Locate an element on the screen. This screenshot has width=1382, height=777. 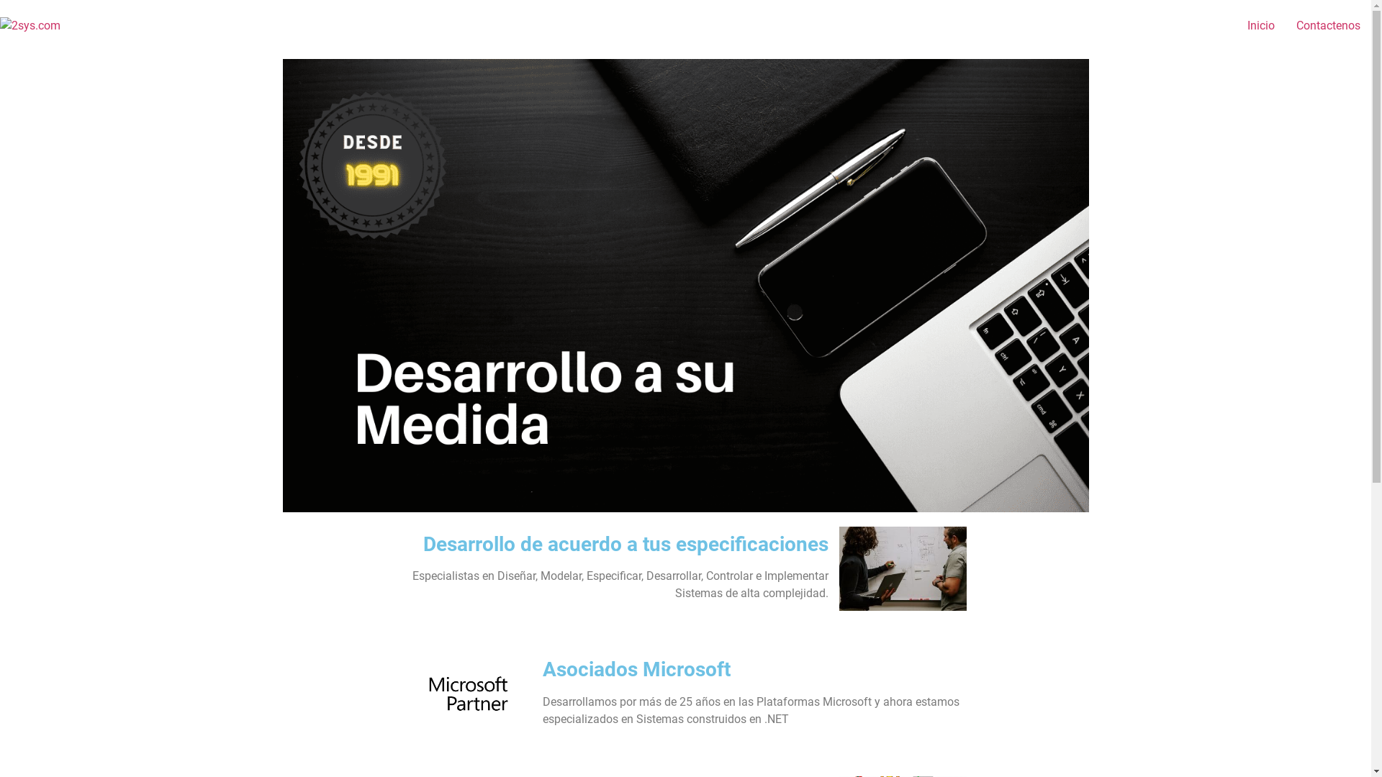
'Inicio' is located at coordinates (685, 75).